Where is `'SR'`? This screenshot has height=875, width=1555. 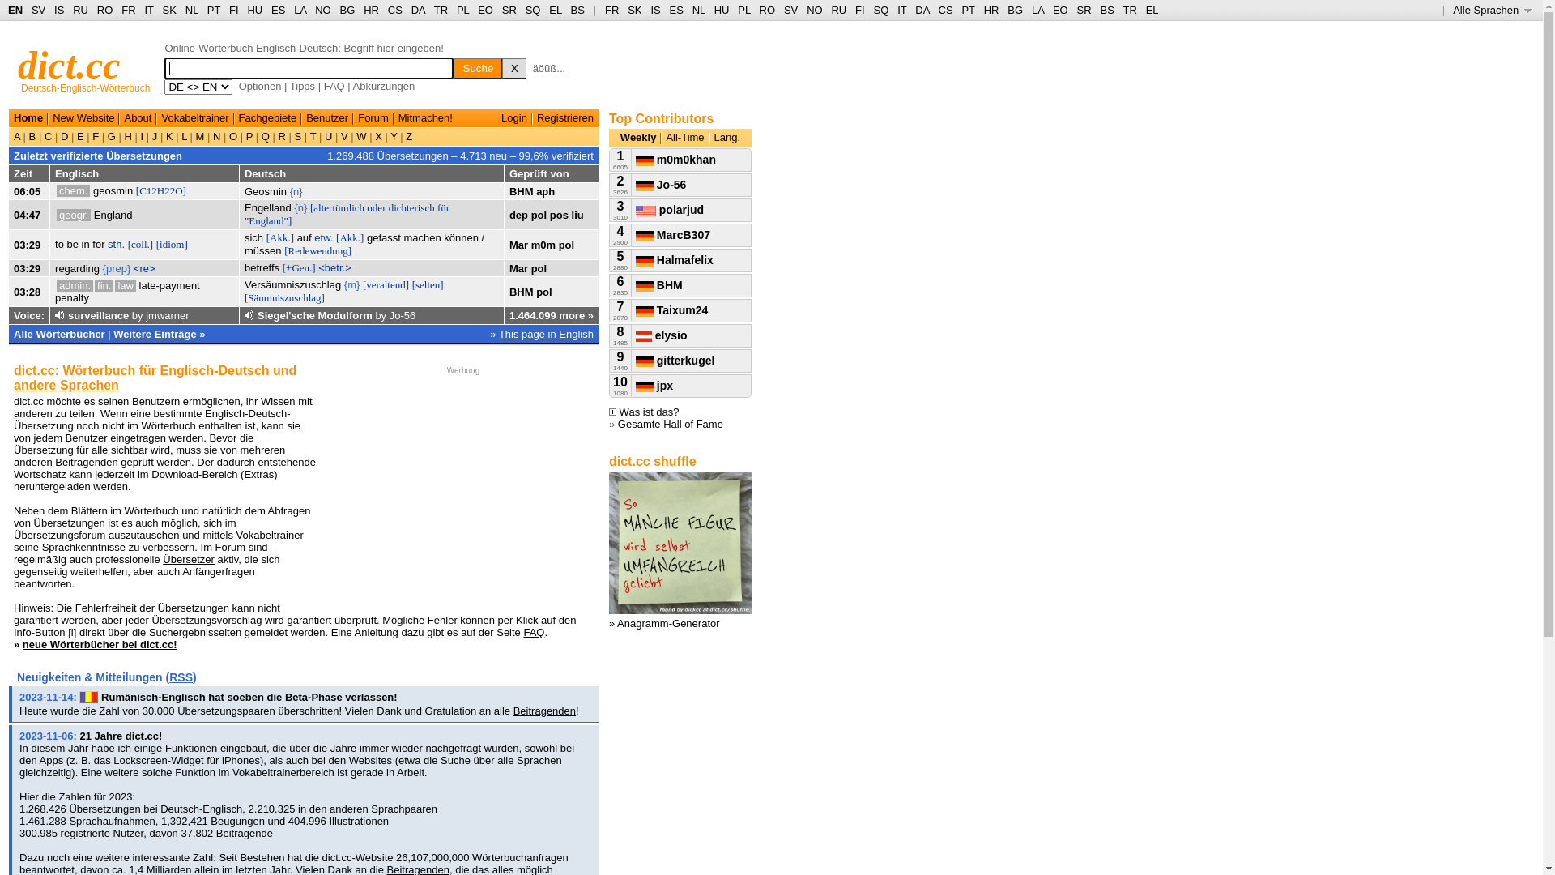 'SR' is located at coordinates (508, 10).